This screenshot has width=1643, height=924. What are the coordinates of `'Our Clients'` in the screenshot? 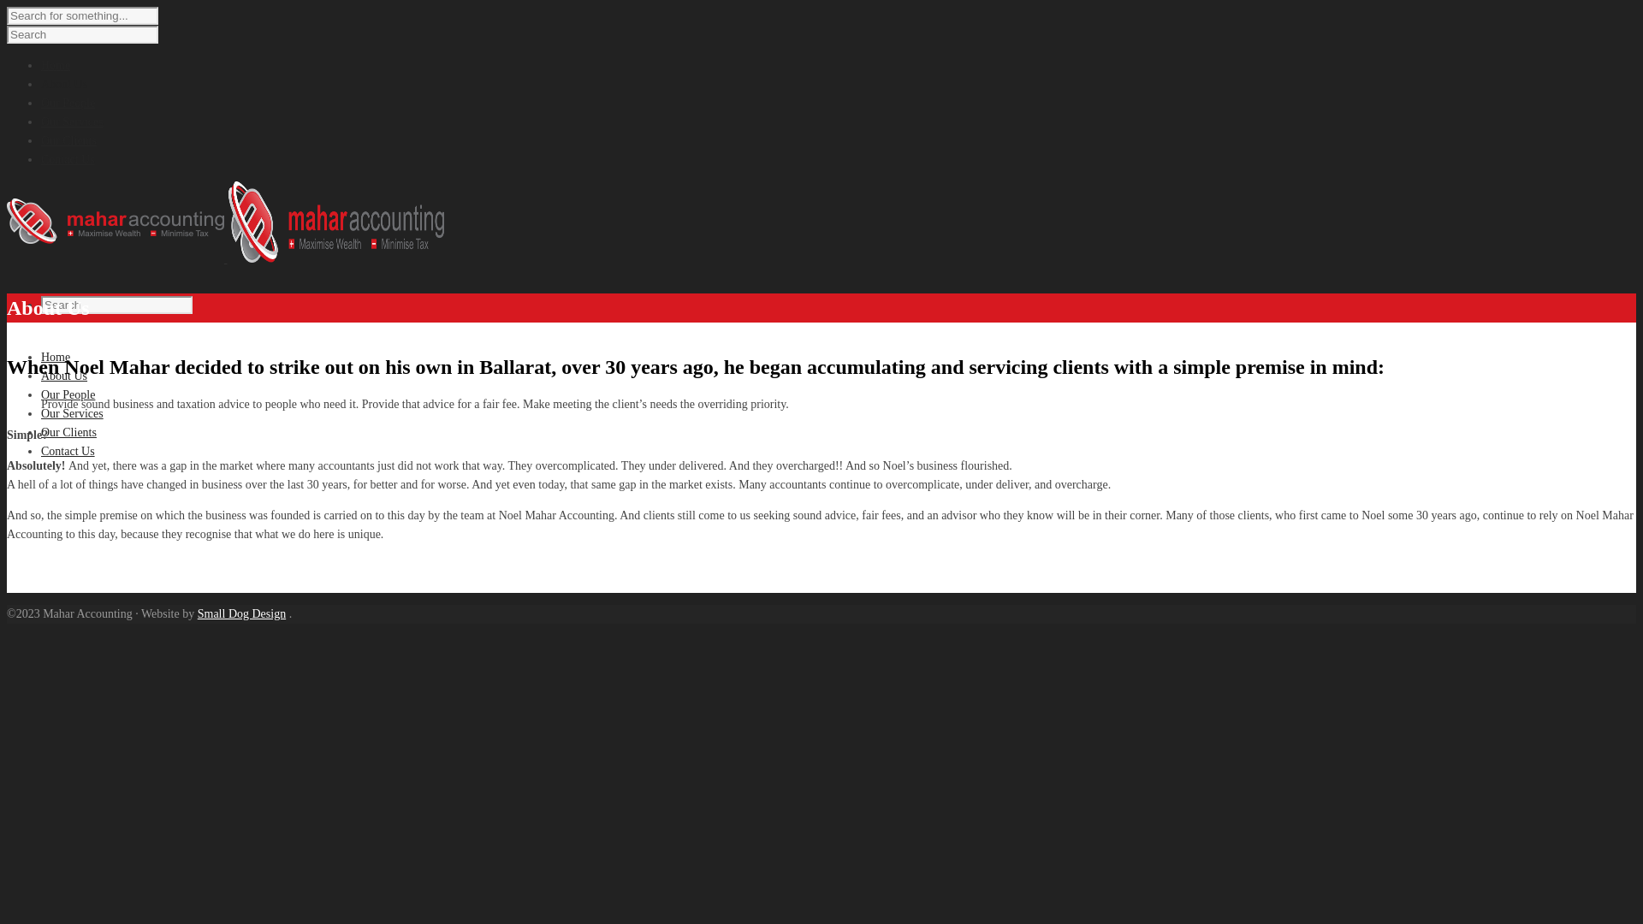 It's located at (41, 139).